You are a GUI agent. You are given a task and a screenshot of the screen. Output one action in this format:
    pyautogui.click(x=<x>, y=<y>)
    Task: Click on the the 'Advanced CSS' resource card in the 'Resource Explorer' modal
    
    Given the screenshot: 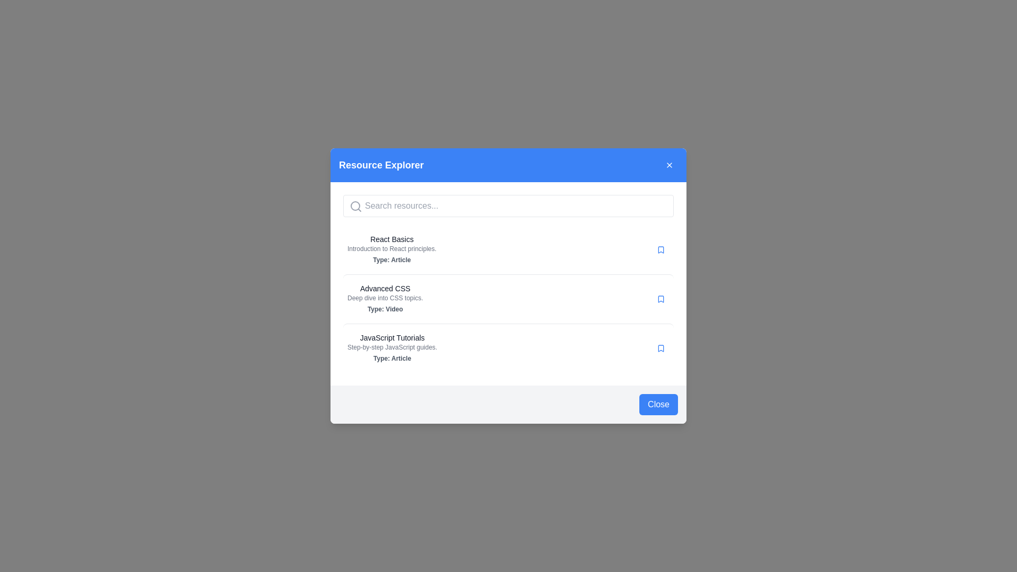 What is the action you would take?
    pyautogui.click(x=508, y=299)
    